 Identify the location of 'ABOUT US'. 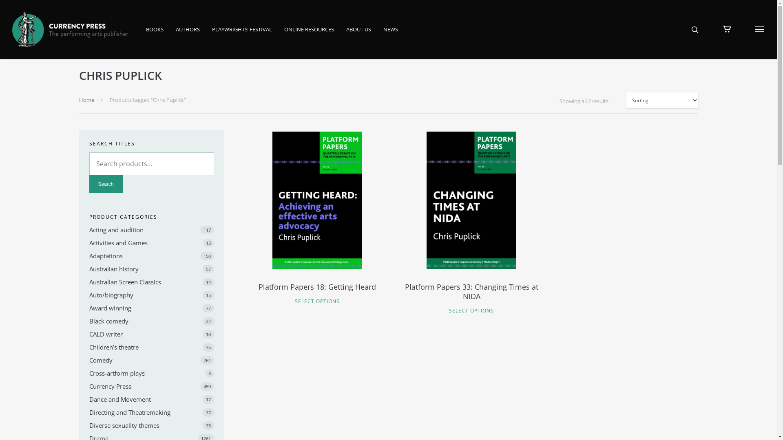
(358, 34).